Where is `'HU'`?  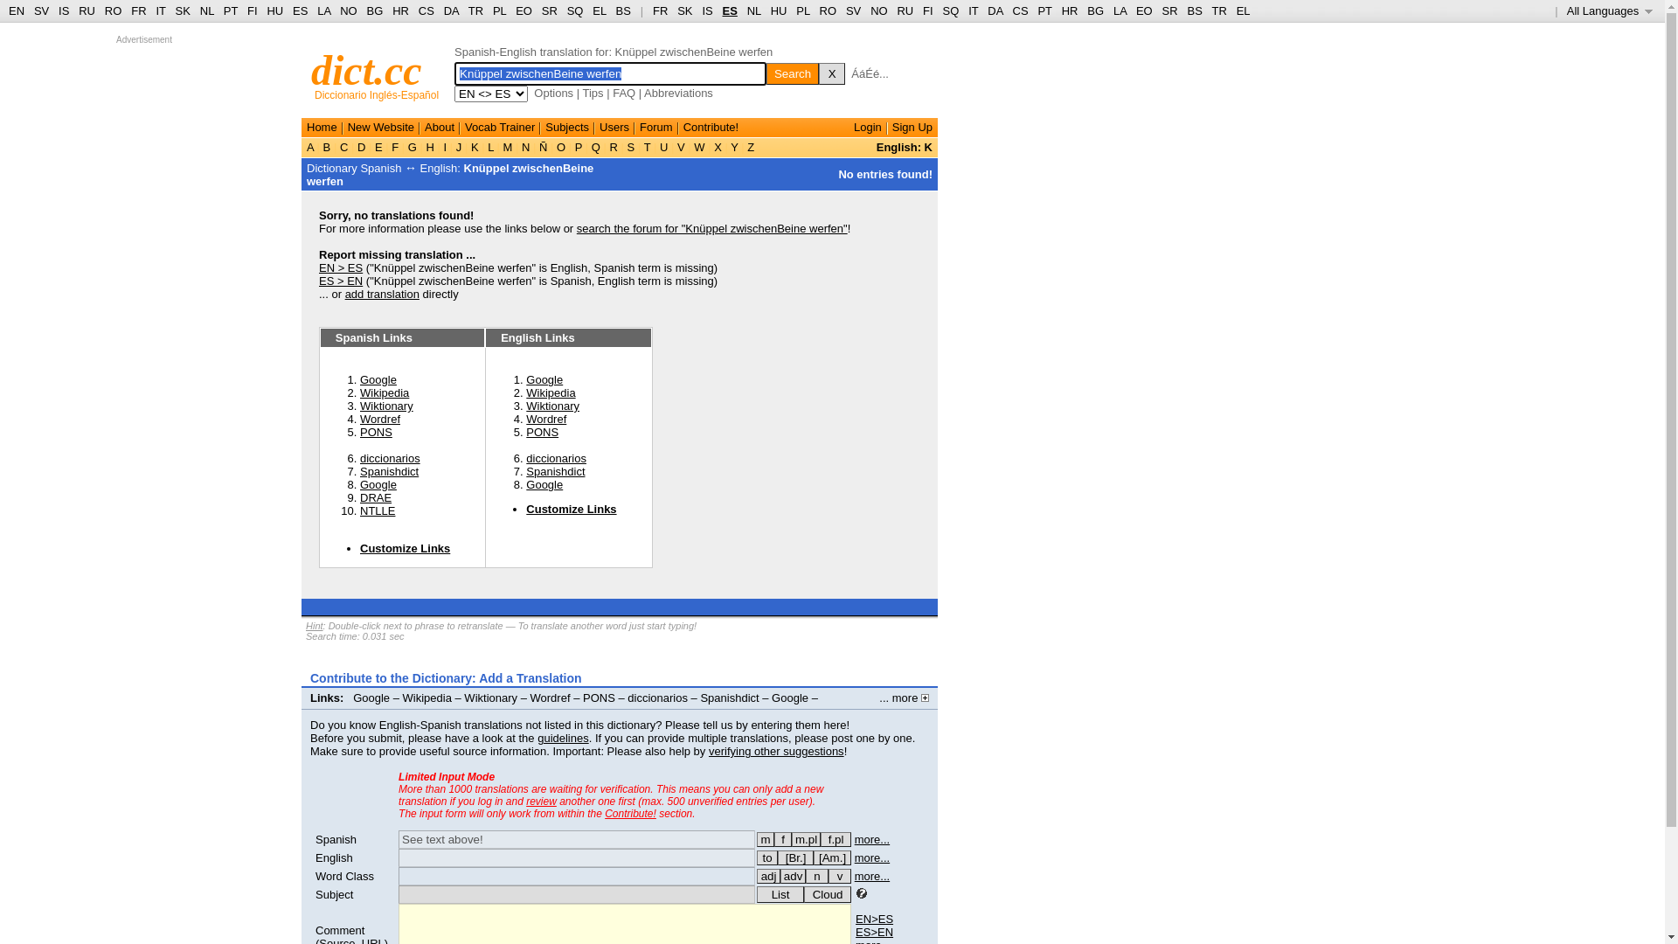 'HU' is located at coordinates (770, 10).